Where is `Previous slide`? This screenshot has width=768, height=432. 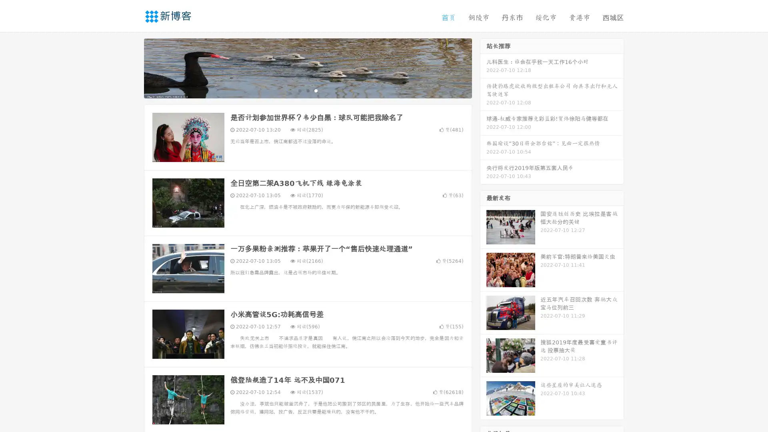 Previous slide is located at coordinates (132, 67).